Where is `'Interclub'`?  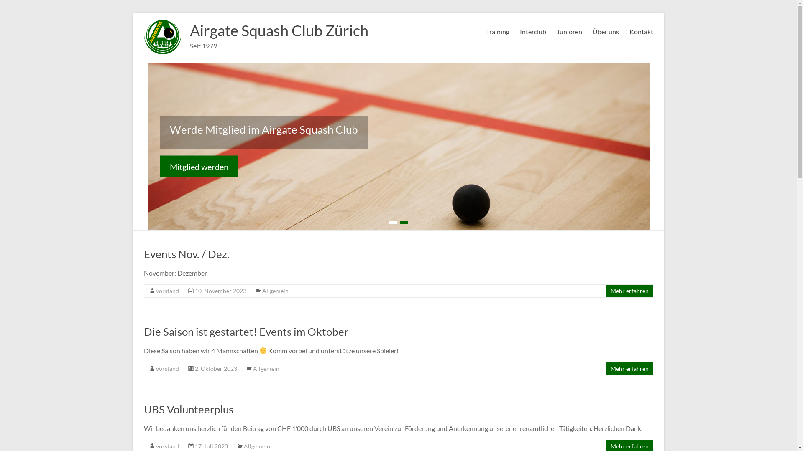
'Interclub' is located at coordinates (519, 30).